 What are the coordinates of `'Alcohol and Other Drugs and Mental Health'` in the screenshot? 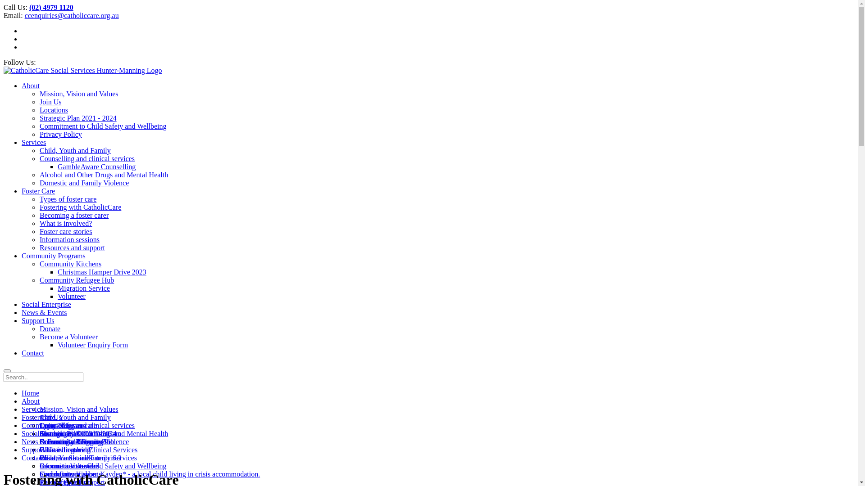 It's located at (104, 433).